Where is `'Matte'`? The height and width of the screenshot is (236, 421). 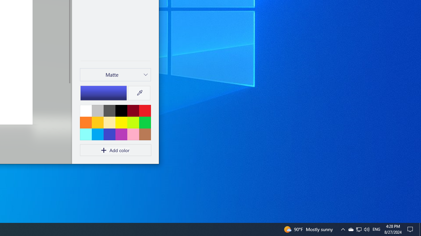
'Matte' is located at coordinates (112, 74).